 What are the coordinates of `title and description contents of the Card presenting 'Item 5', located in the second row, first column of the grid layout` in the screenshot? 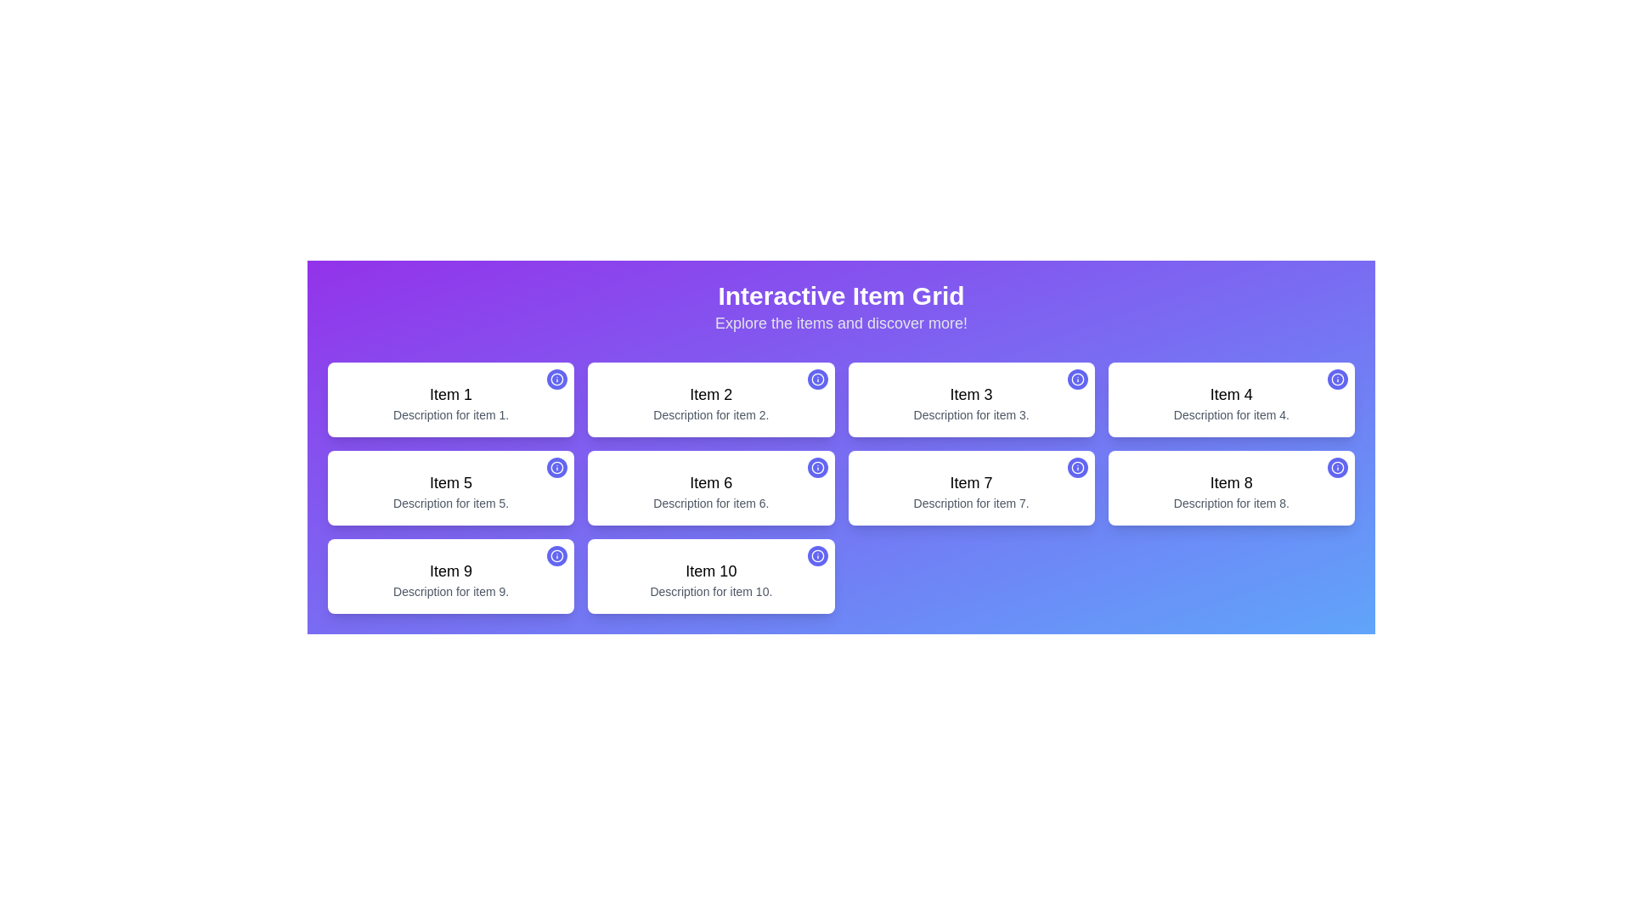 It's located at (451, 487).